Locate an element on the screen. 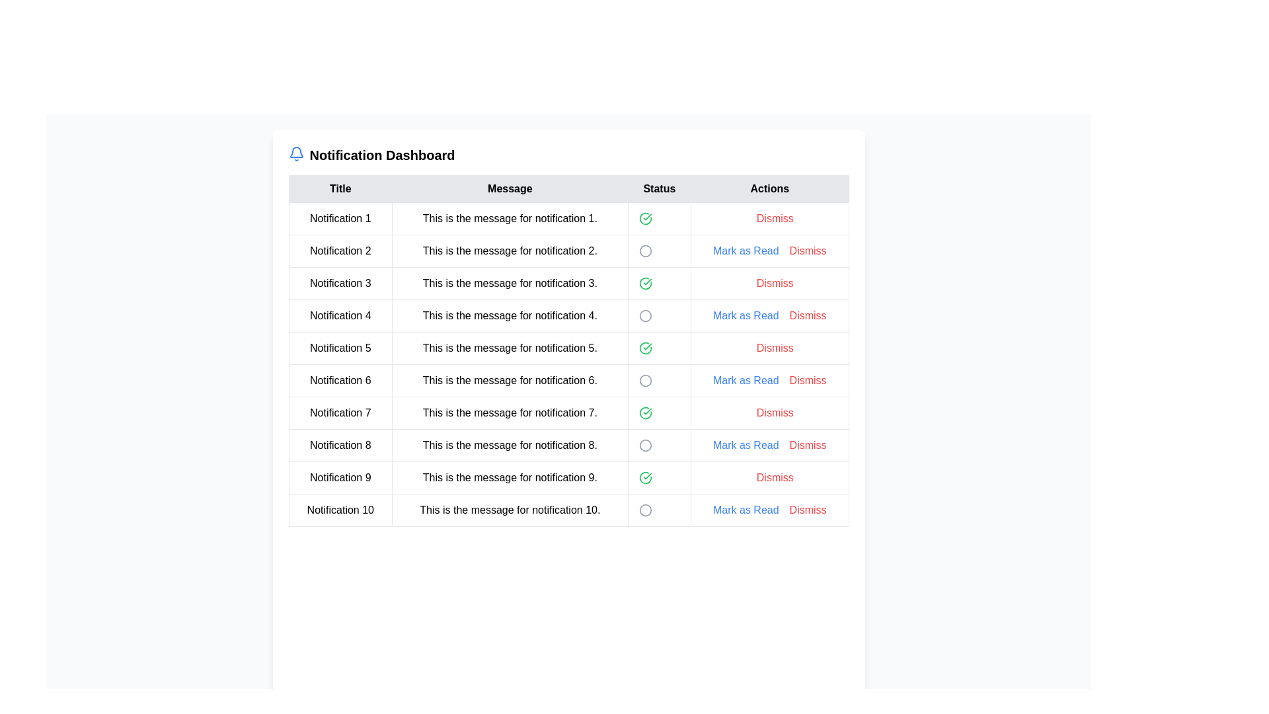 This screenshot has width=1269, height=714. the 'Mark as Read' hyperlink in the Actions column for 'Notification 6' to mark the notification as read is located at coordinates (769, 380).